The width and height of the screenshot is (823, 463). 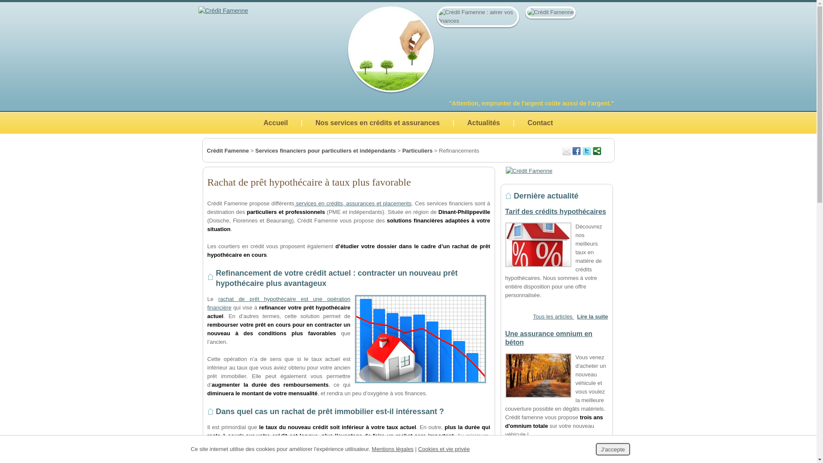 I want to click on 'Tous les articles', so click(x=532, y=316).